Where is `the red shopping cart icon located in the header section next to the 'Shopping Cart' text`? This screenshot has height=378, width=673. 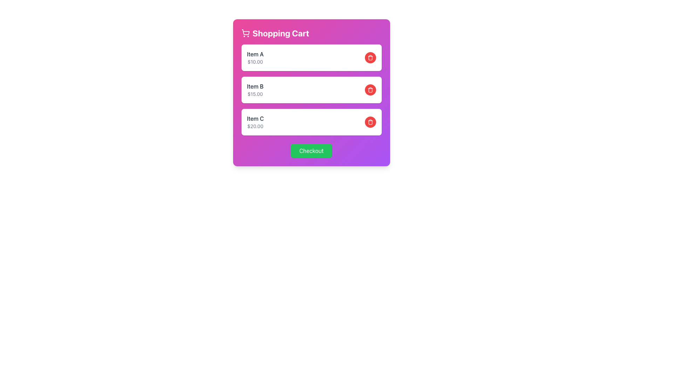 the red shopping cart icon located in the header section next to the 'Shopping Cart' text is located at coordinates (245, 32).